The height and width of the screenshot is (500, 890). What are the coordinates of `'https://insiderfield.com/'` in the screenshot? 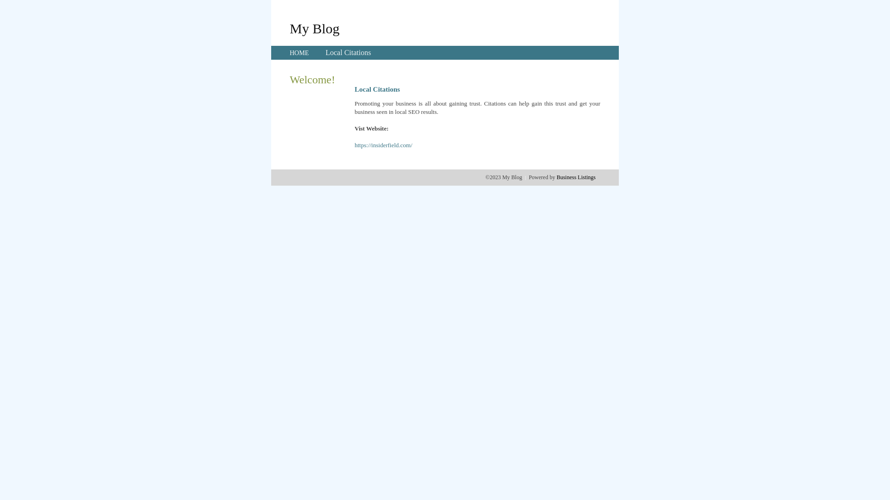 It's located at (354, 145).